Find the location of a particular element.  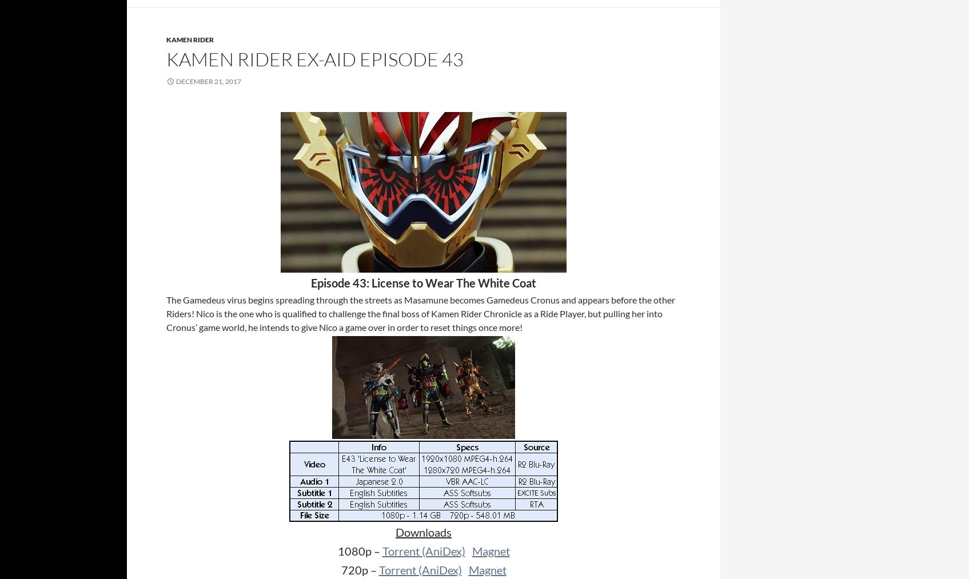

'Kamen Rider' is located at coordinates (189, 39).